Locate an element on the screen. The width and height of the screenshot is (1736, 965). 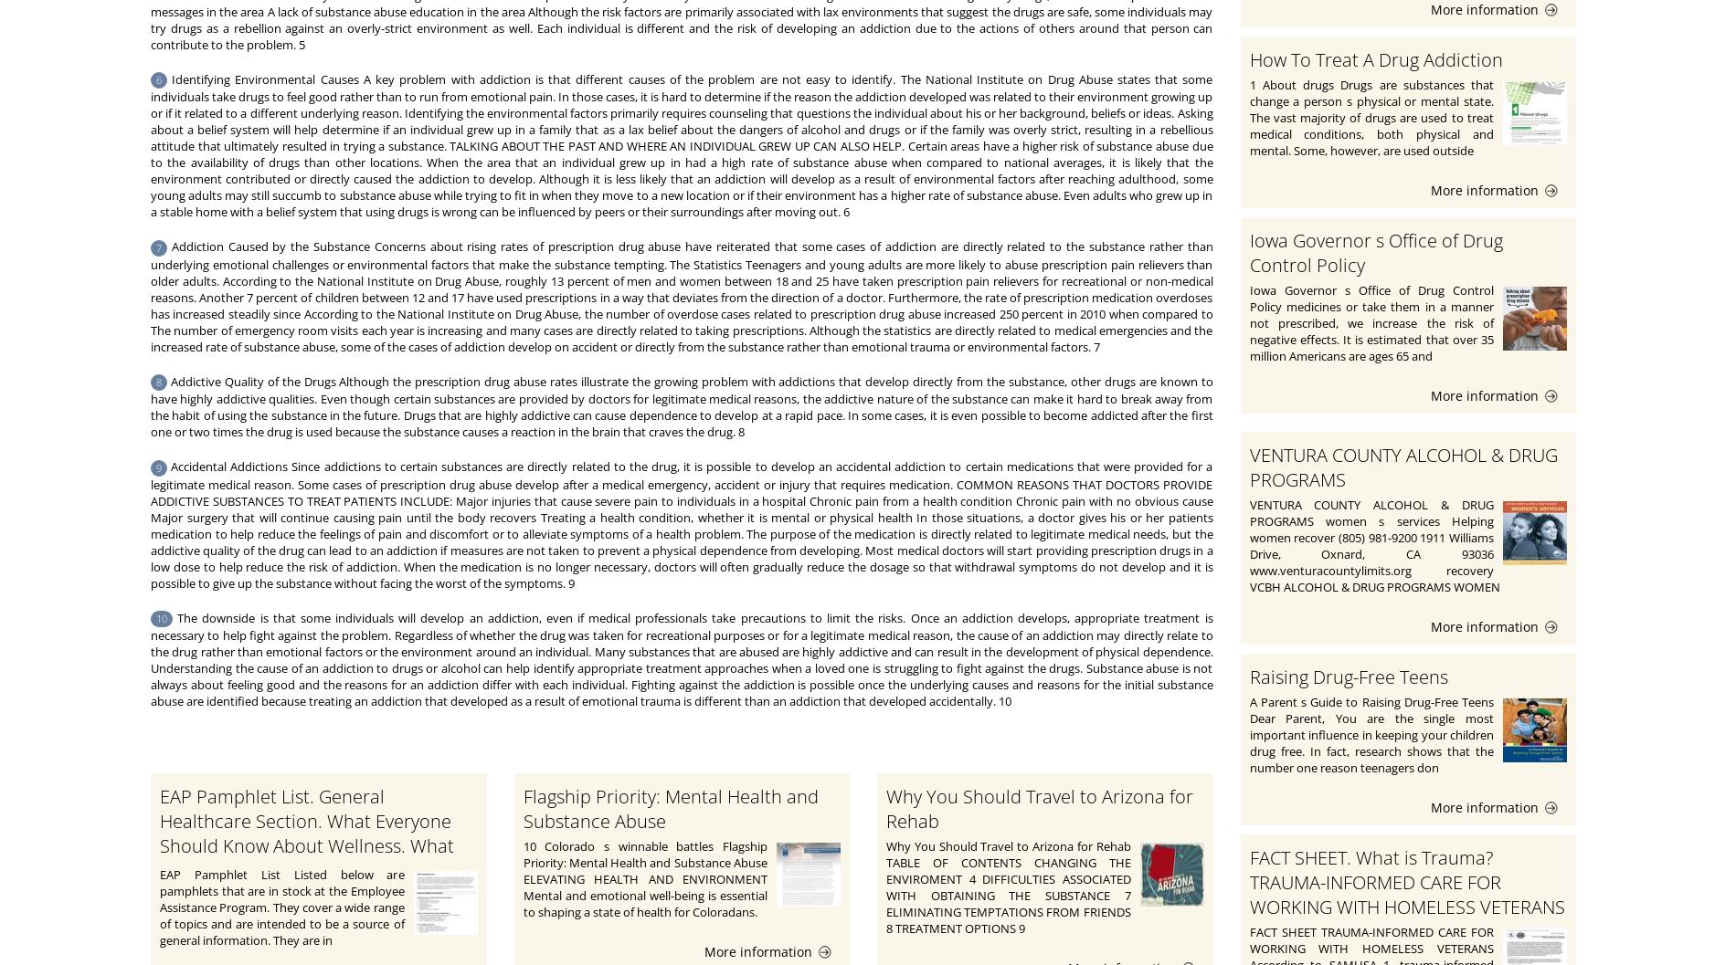
'7' is located at coordinates (159, 246).